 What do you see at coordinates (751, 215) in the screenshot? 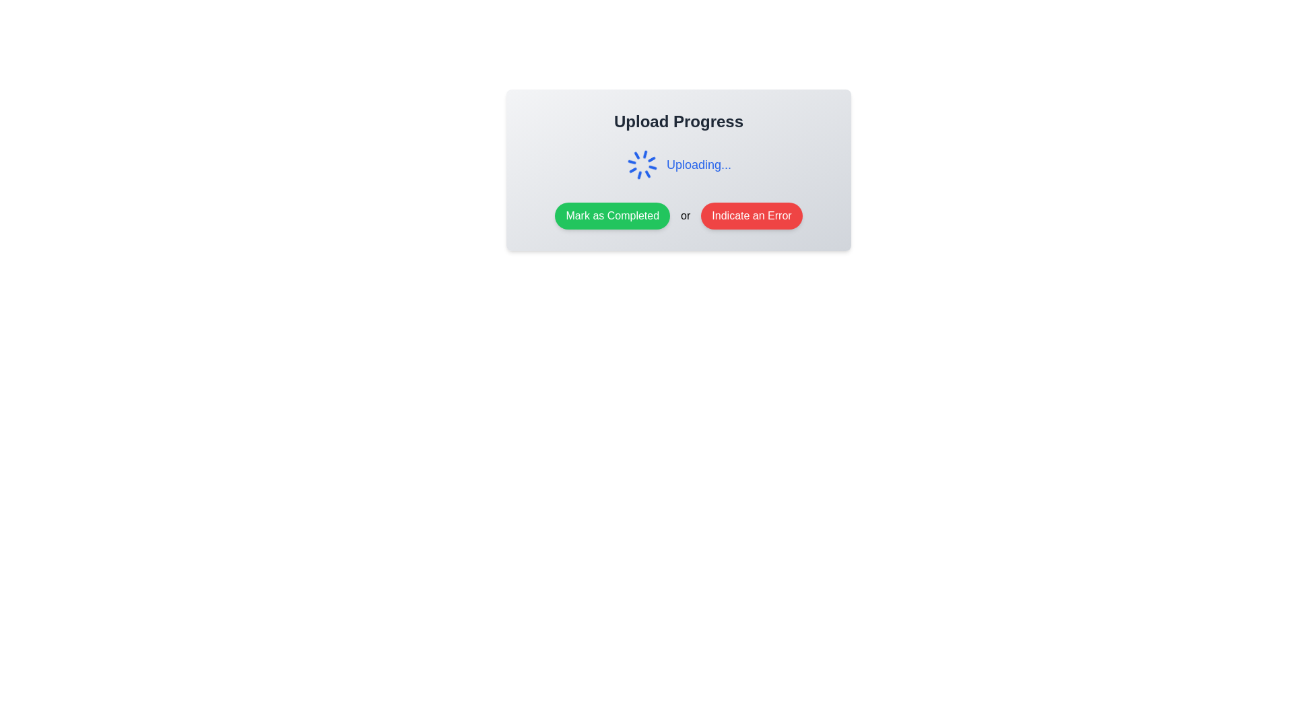
I see `the prominent red button labeled 'Indicate an Error'` at bounding box center [751, 215].